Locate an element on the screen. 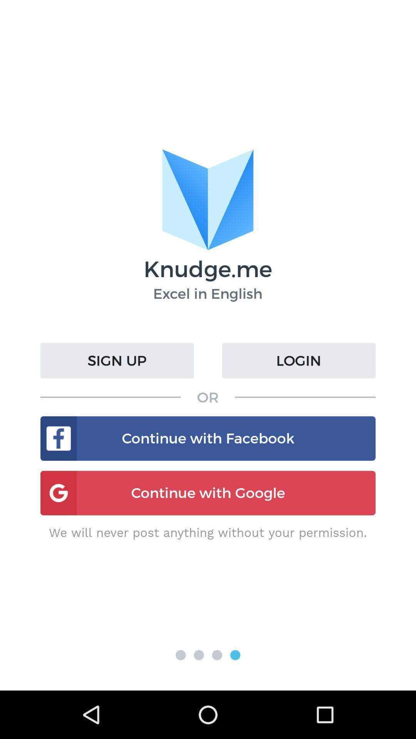  item below excel in english item is located at coordinates (298, 360).